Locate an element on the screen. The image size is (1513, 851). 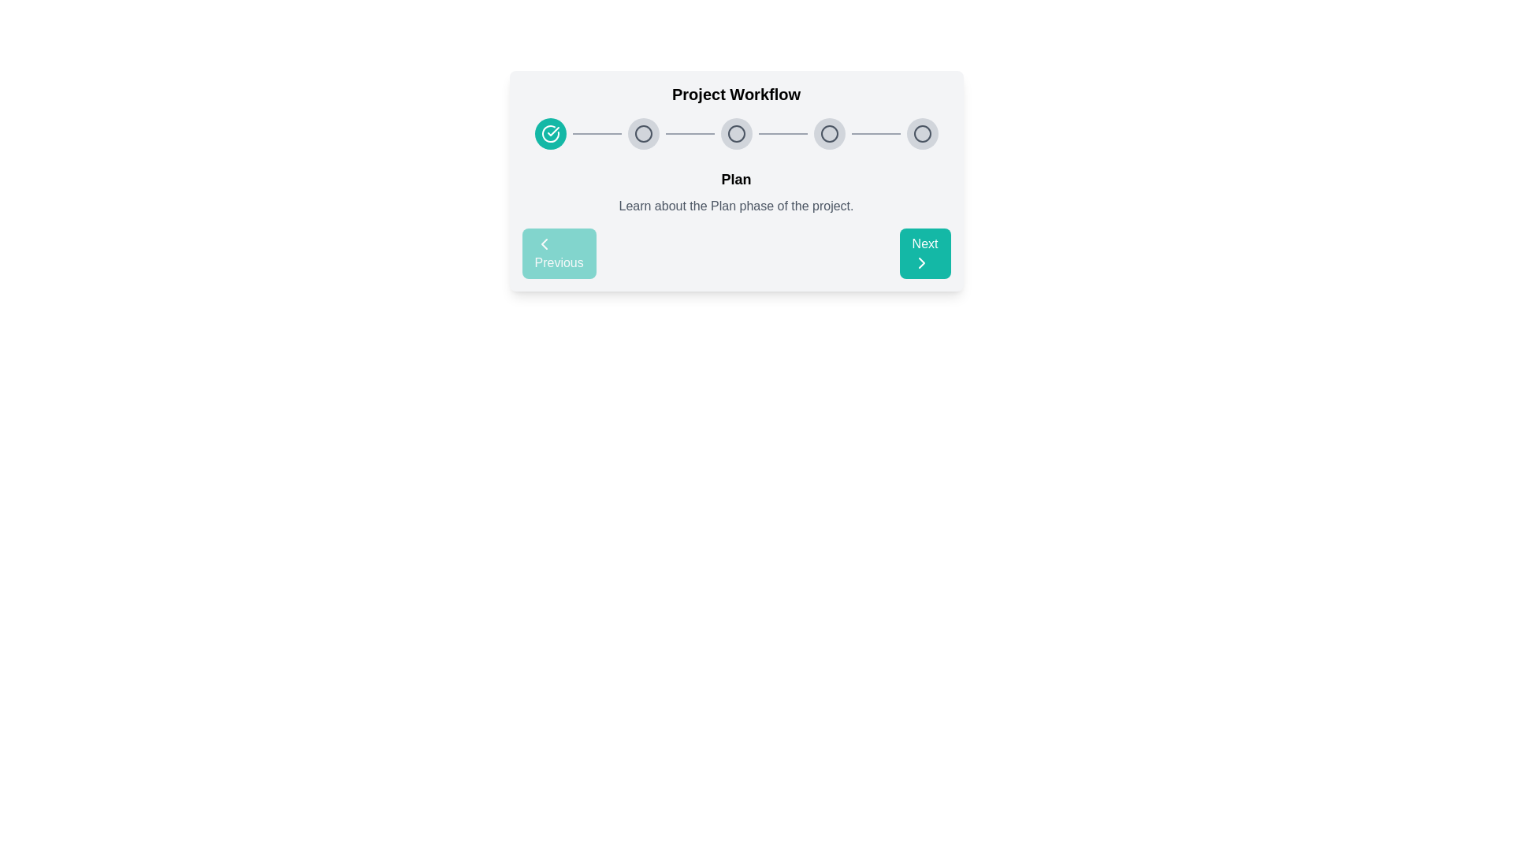
the 'Next' button to navigate to the next step is located at coordinates (925, 252).